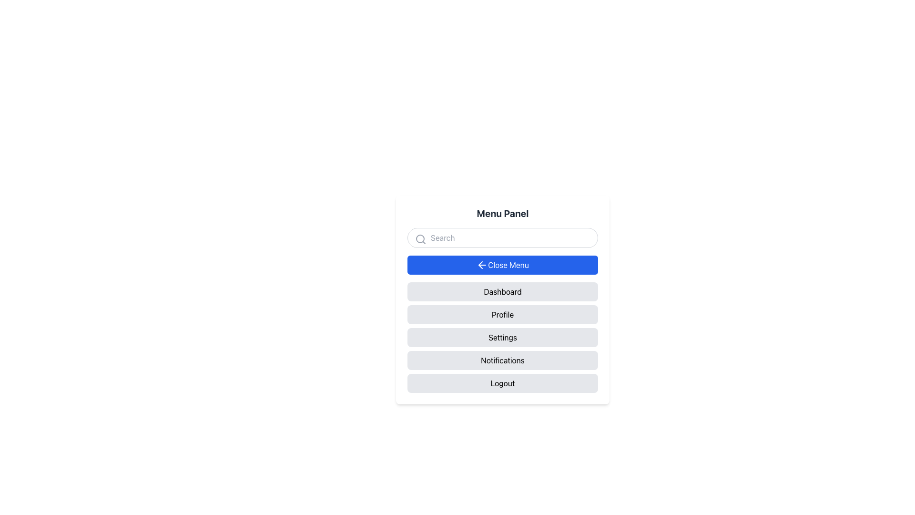  I want to click on the search icon located in the menu panel interface, so click(420, 238).